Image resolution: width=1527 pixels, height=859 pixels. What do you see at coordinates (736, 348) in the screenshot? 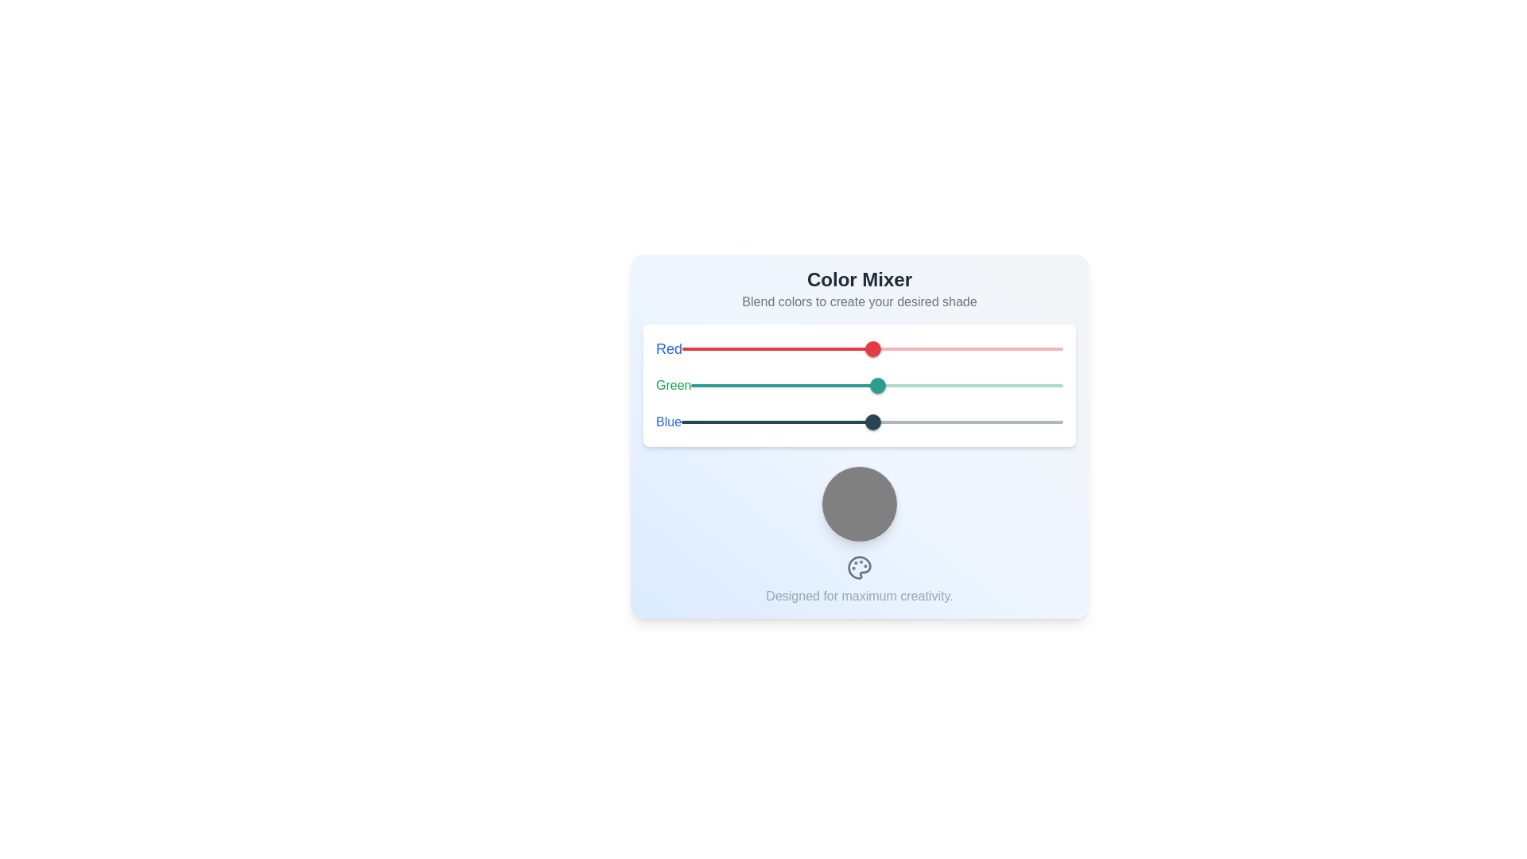
I see `the red value` at bounding box center [736, 348].